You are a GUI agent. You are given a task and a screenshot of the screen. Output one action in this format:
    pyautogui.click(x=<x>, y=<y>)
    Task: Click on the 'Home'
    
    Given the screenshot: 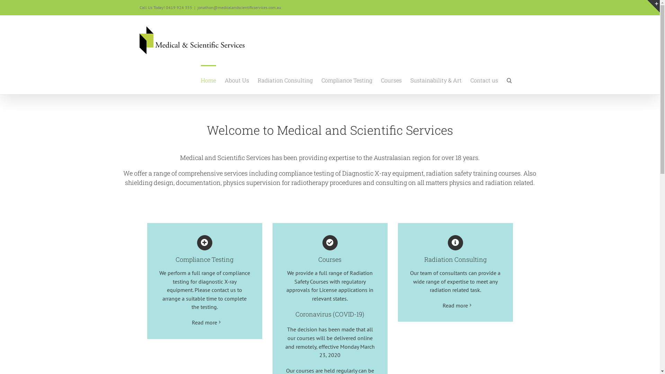 What is the action you would take?
    pyautogui.click(x=208, y=79)
    